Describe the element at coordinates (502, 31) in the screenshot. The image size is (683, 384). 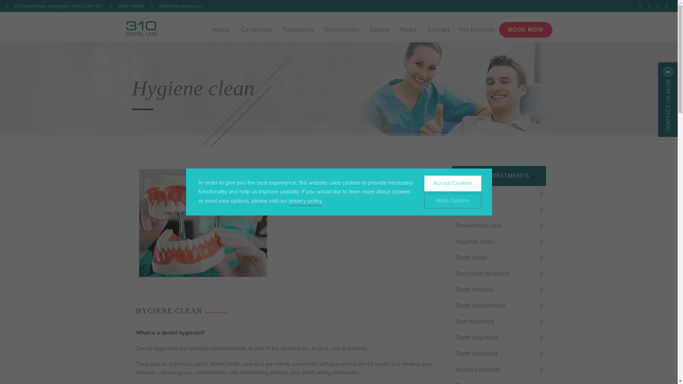
I see `'BOOK NOW'` at that location.